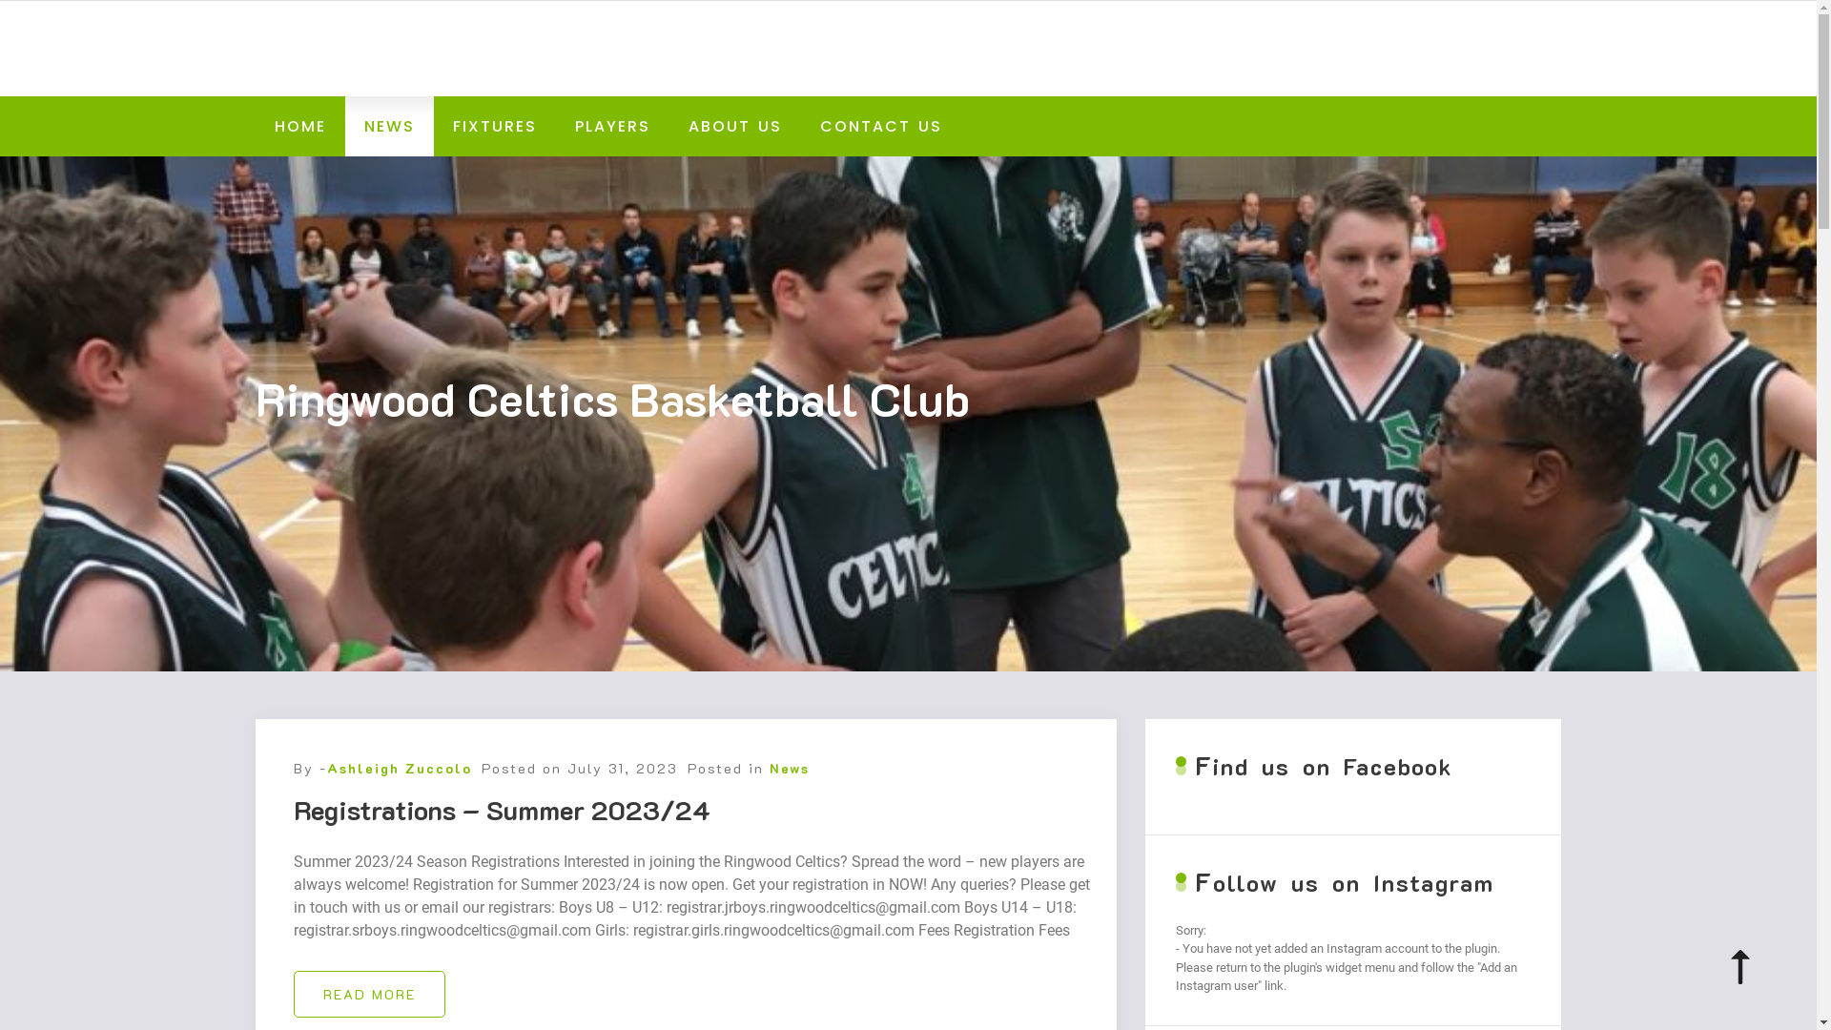 Image resolution: width=1831 pixels, height=1030 pixels. Describe the element at coordinates (344, 126) in the screenshot. I see `'NEWS'` at that location.